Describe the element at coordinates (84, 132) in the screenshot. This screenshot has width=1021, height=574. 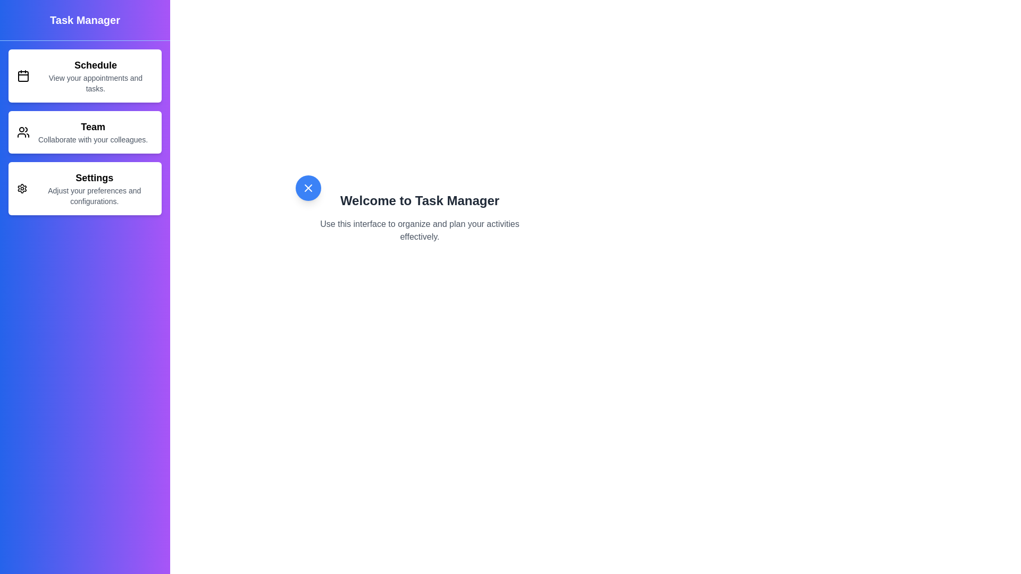
I see `the menu item Team` at that location.